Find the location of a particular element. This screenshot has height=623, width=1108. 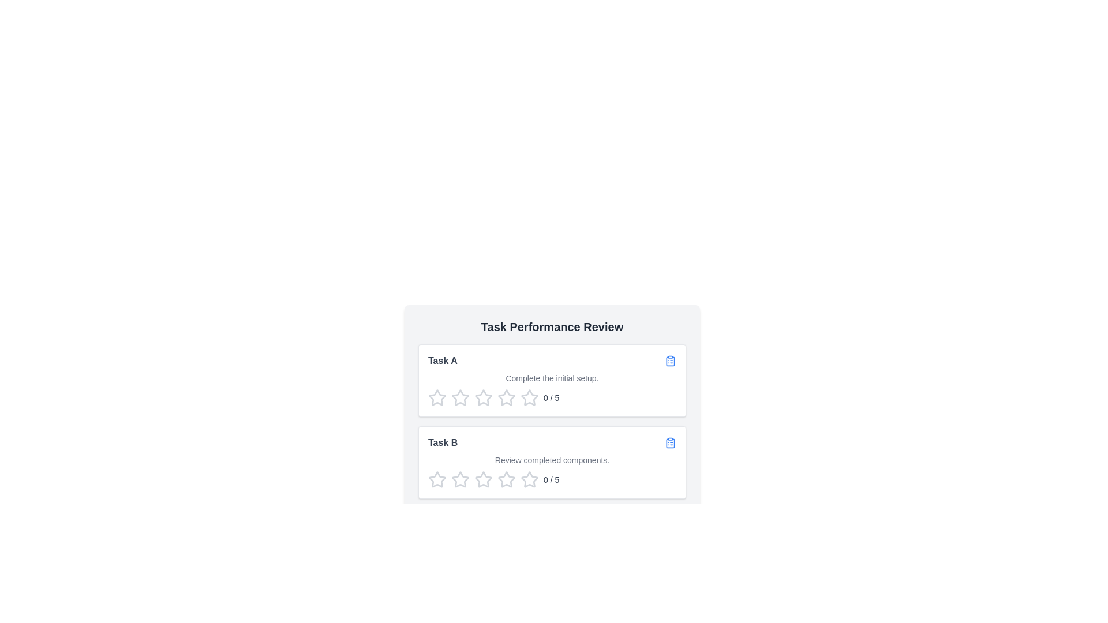

the stars in the second task item of the task list to assign a rating is located at coordinates (551, 462).